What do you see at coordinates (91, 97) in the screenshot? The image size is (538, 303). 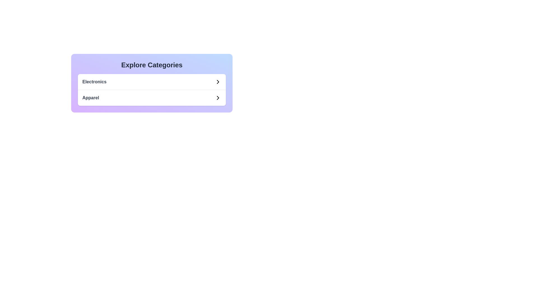 I see `the text label displaying 'Apparel' in bold gray font, located in the category exploration section below 'Electronics'` at bounding box center [91, 97].